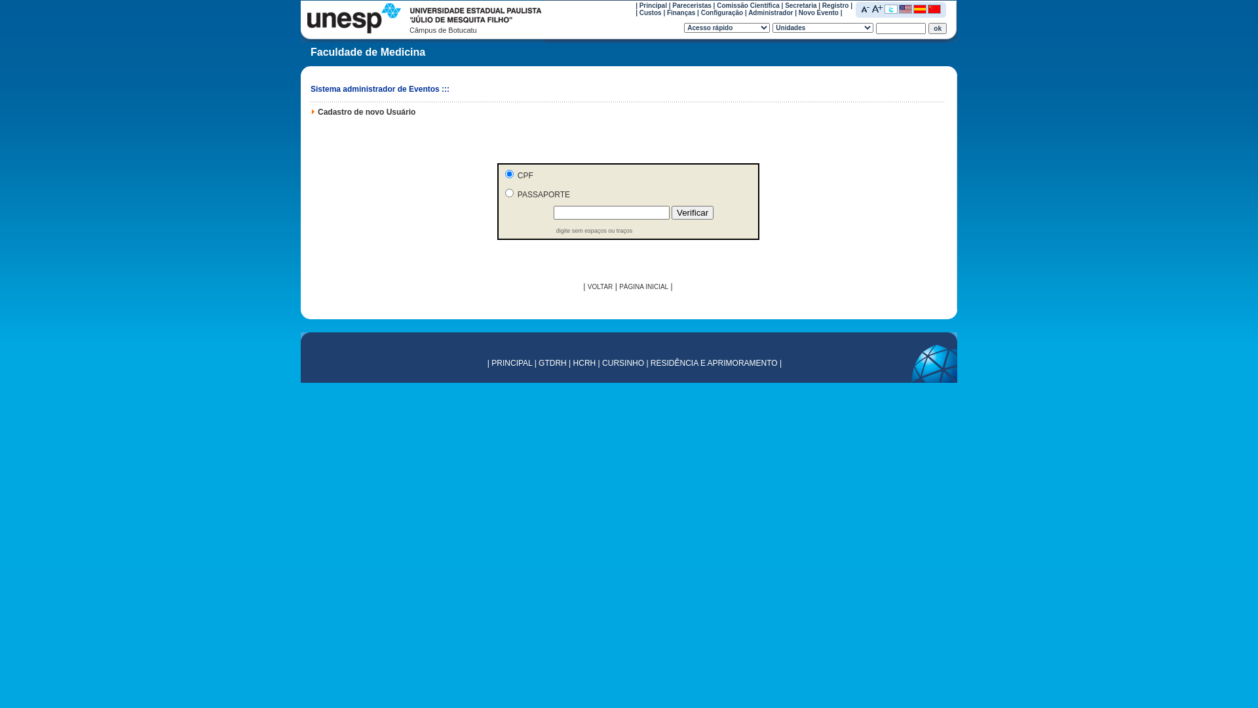 This screenshot has height=708, width=1258. I want to click on 'diminuir fonte', so click(861, 8).